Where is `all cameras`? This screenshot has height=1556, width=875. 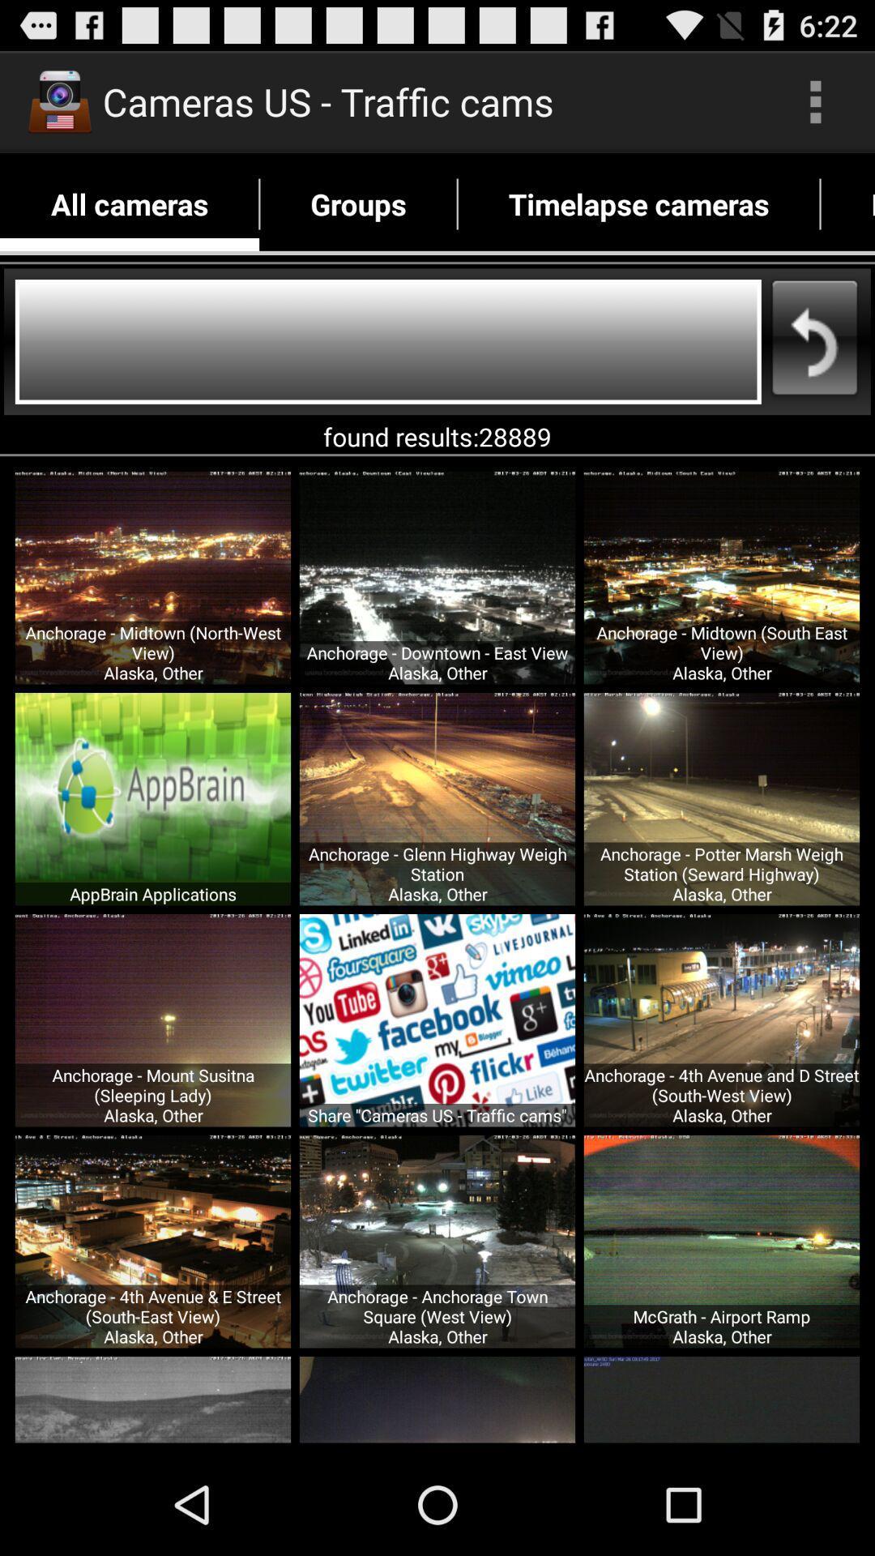
all cameras is located at coordinates (129, 203).